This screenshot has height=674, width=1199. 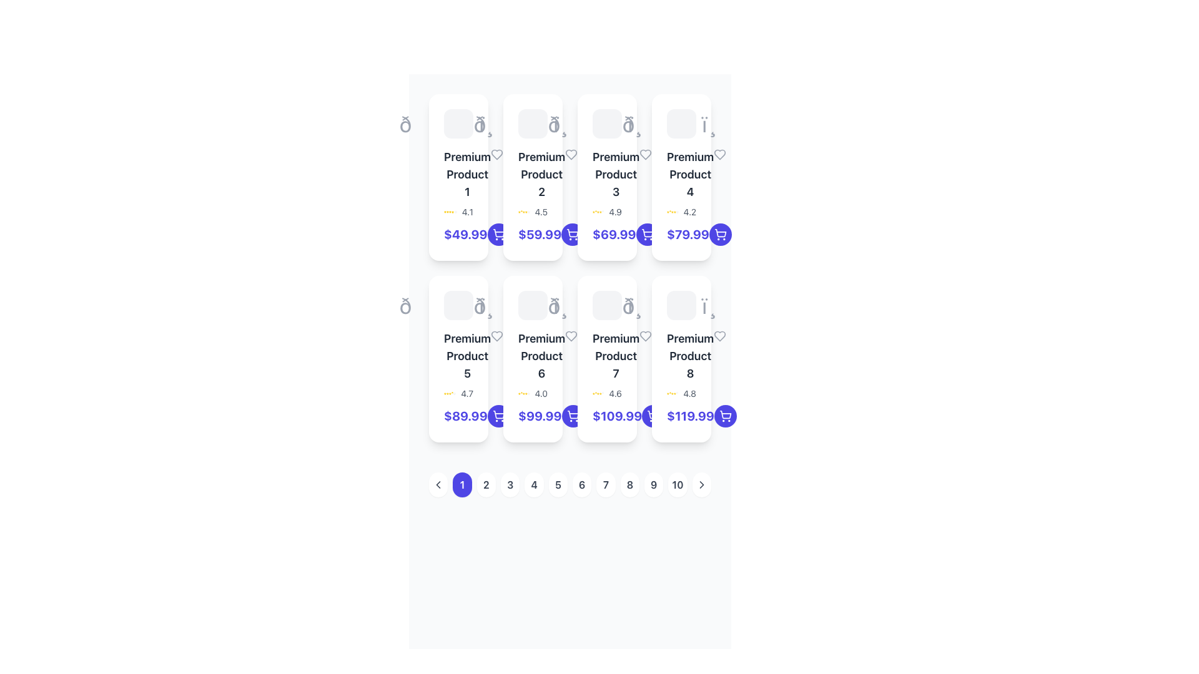 What do you see at coordinates (629, 484) in the screenshot?
I see `the circular button displaying the number '8' in the pagination section` at bounding box center [629, 484].